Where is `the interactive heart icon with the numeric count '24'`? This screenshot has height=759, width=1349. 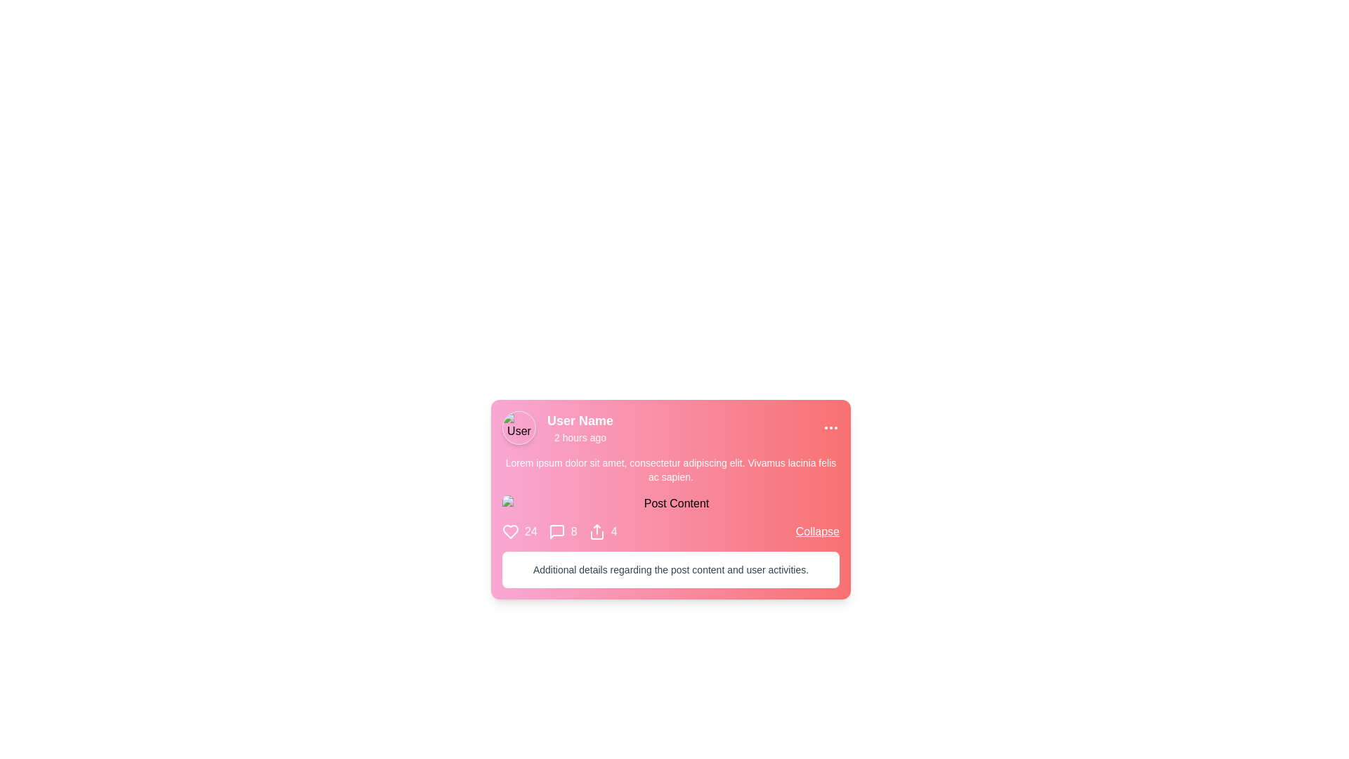 the interactive heart icon with the numeric count '24' is located at coordinates (519, 531).